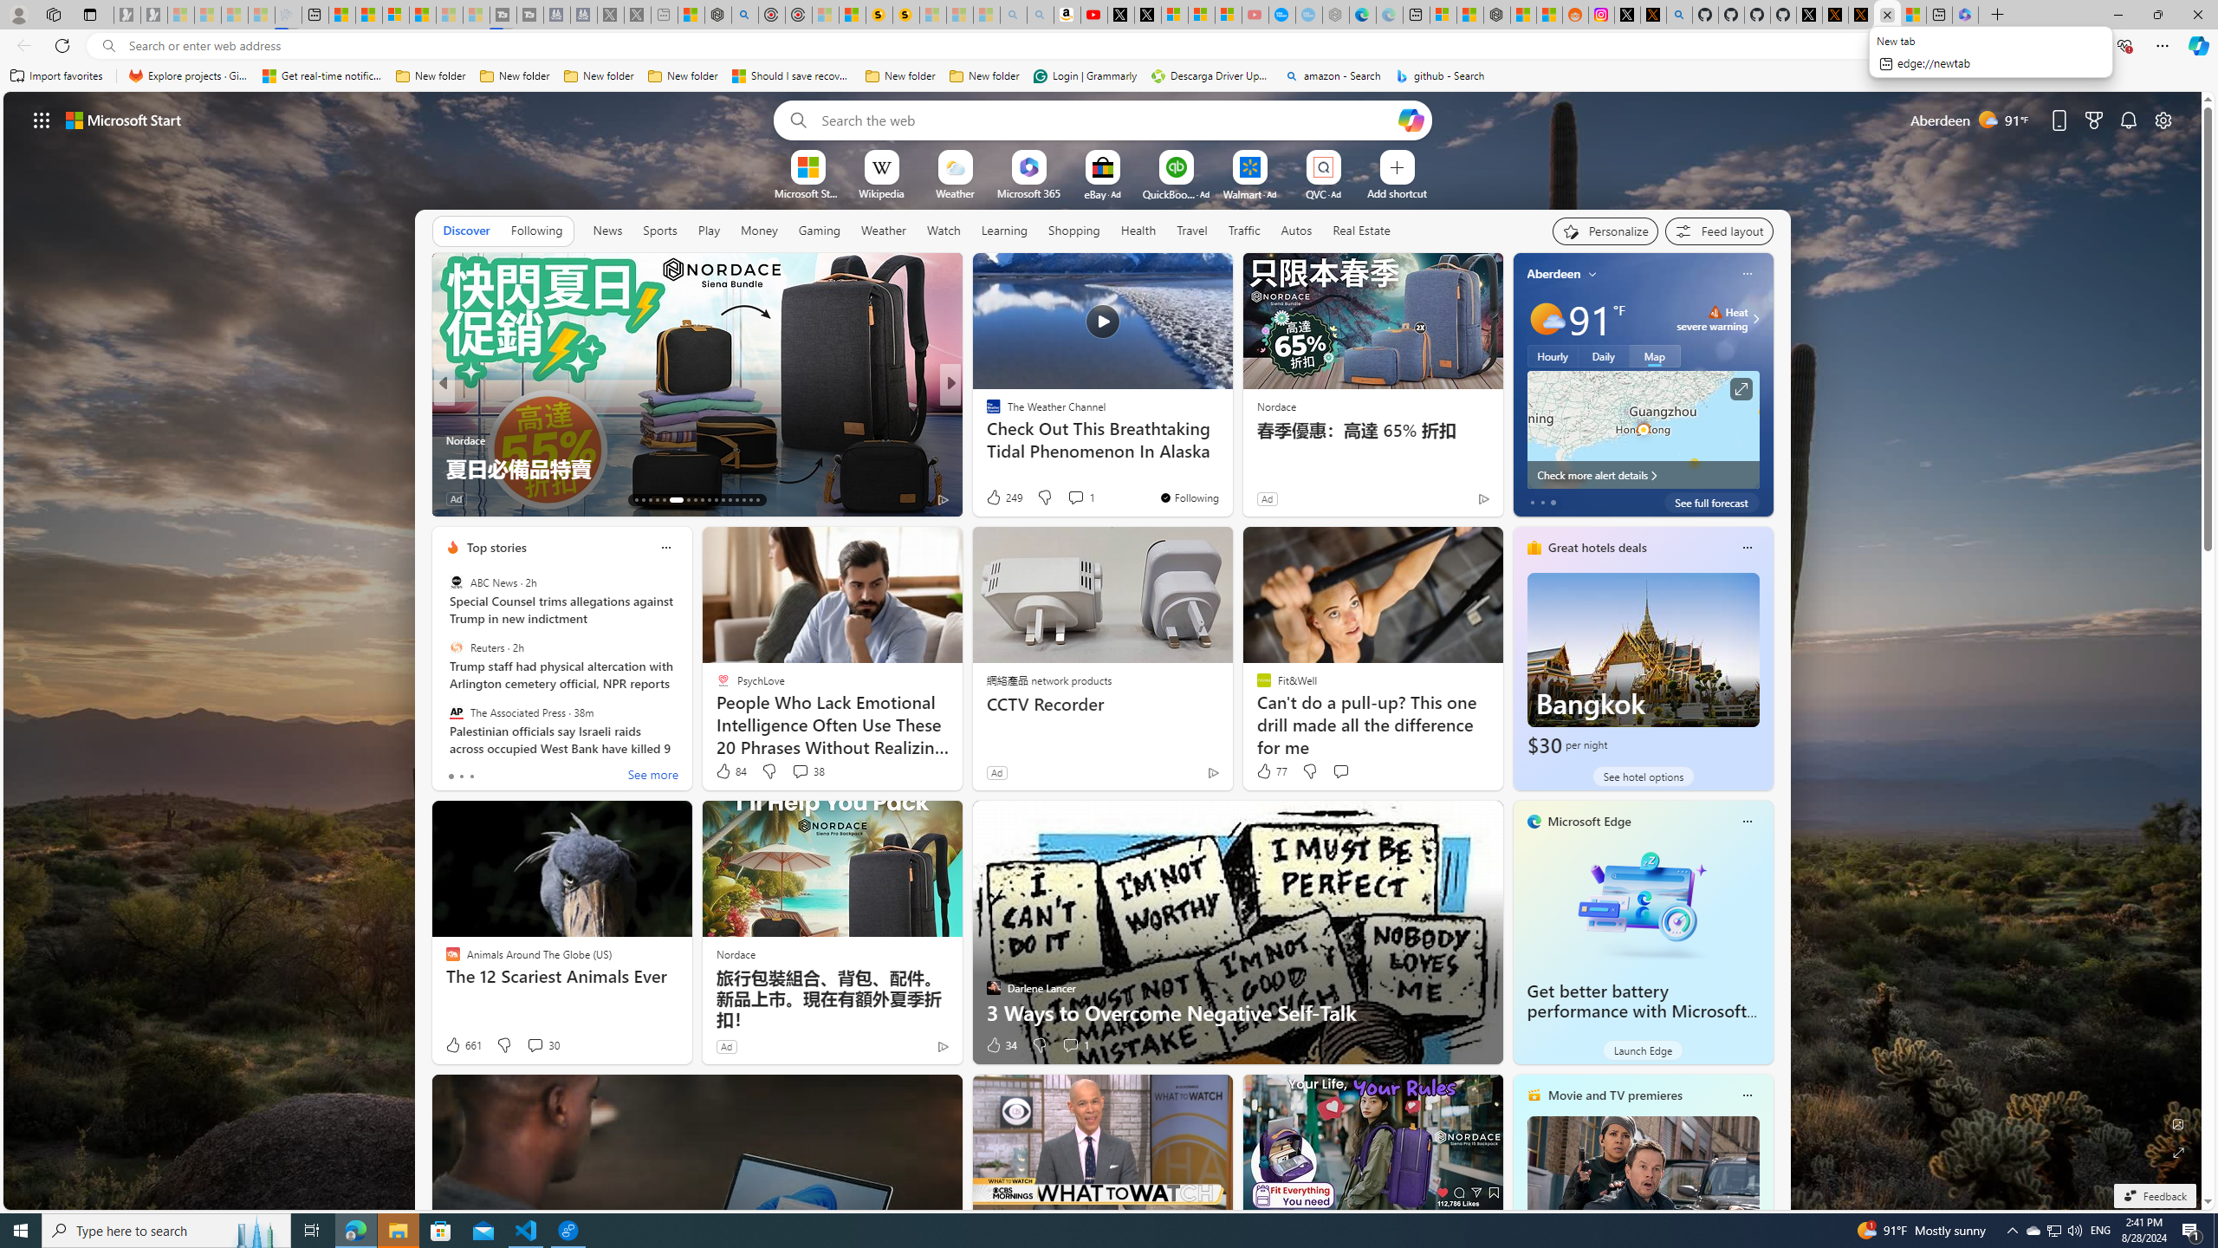 The image size is (2218, 1248). Describe the element at coordinates (1137, 229) in the screenshot. I see `'Health'` at that location.